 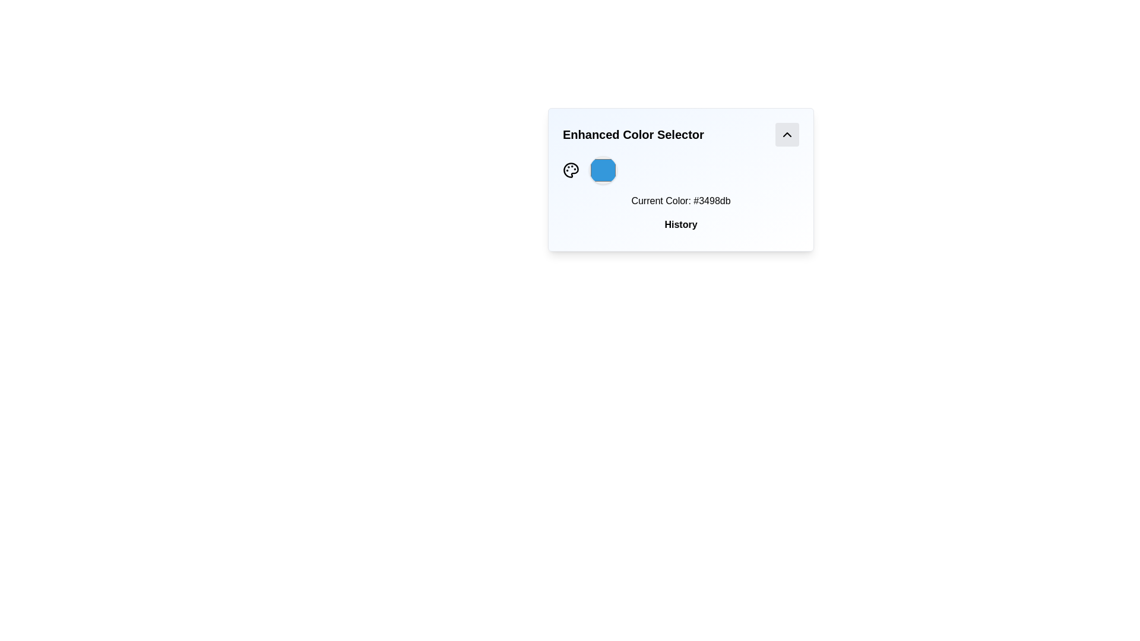 I want to click on the text label displaying the current selected color in hexadecimal format, which reads 'Current Color: #3498db', so click(x=681, y=201).